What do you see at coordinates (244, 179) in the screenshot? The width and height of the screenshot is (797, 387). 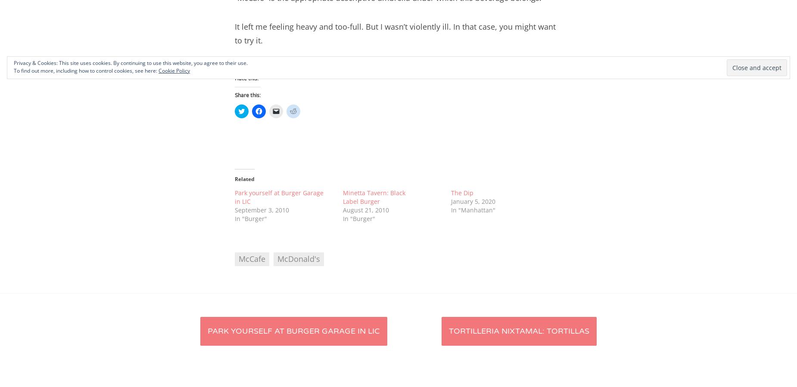 I see `'Related'` at bounding box center [244, 179].